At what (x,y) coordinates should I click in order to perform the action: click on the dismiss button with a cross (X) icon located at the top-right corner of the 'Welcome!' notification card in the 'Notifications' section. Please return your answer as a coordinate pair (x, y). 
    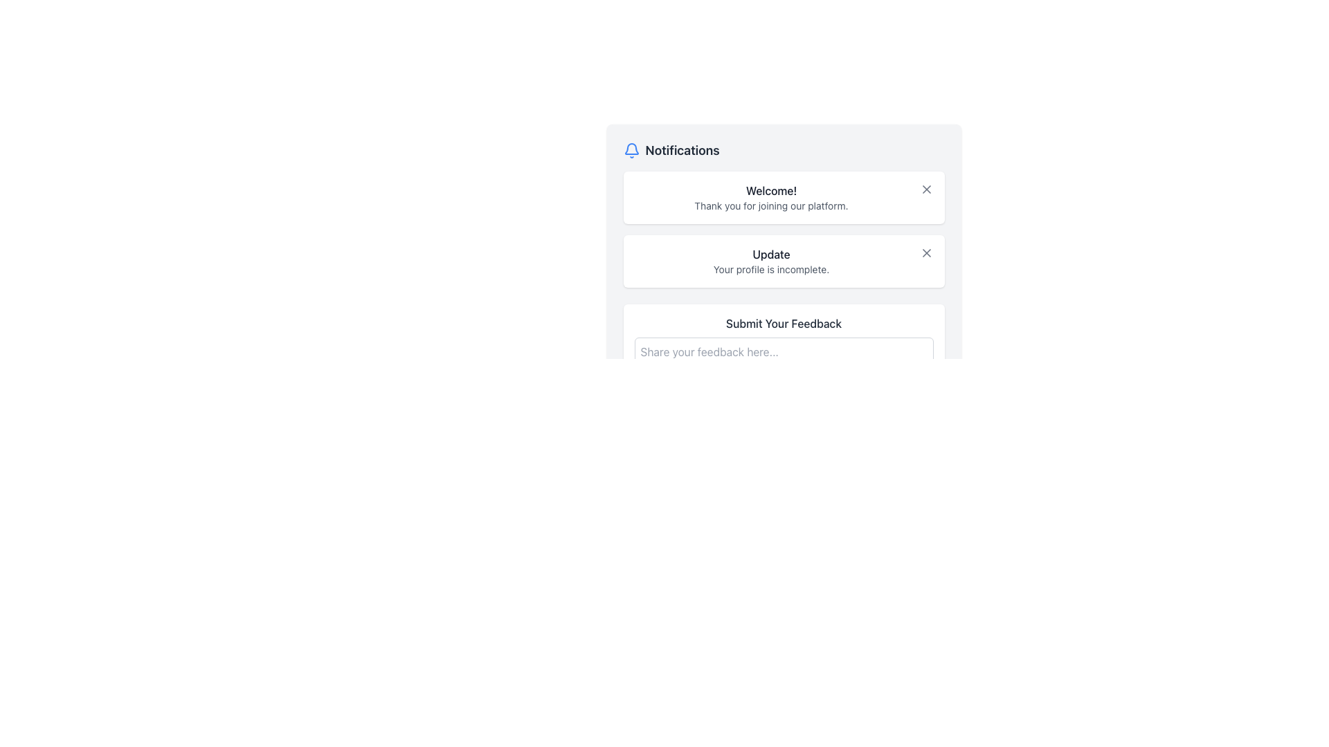
    Looking at the image, I should click on (926, 189).